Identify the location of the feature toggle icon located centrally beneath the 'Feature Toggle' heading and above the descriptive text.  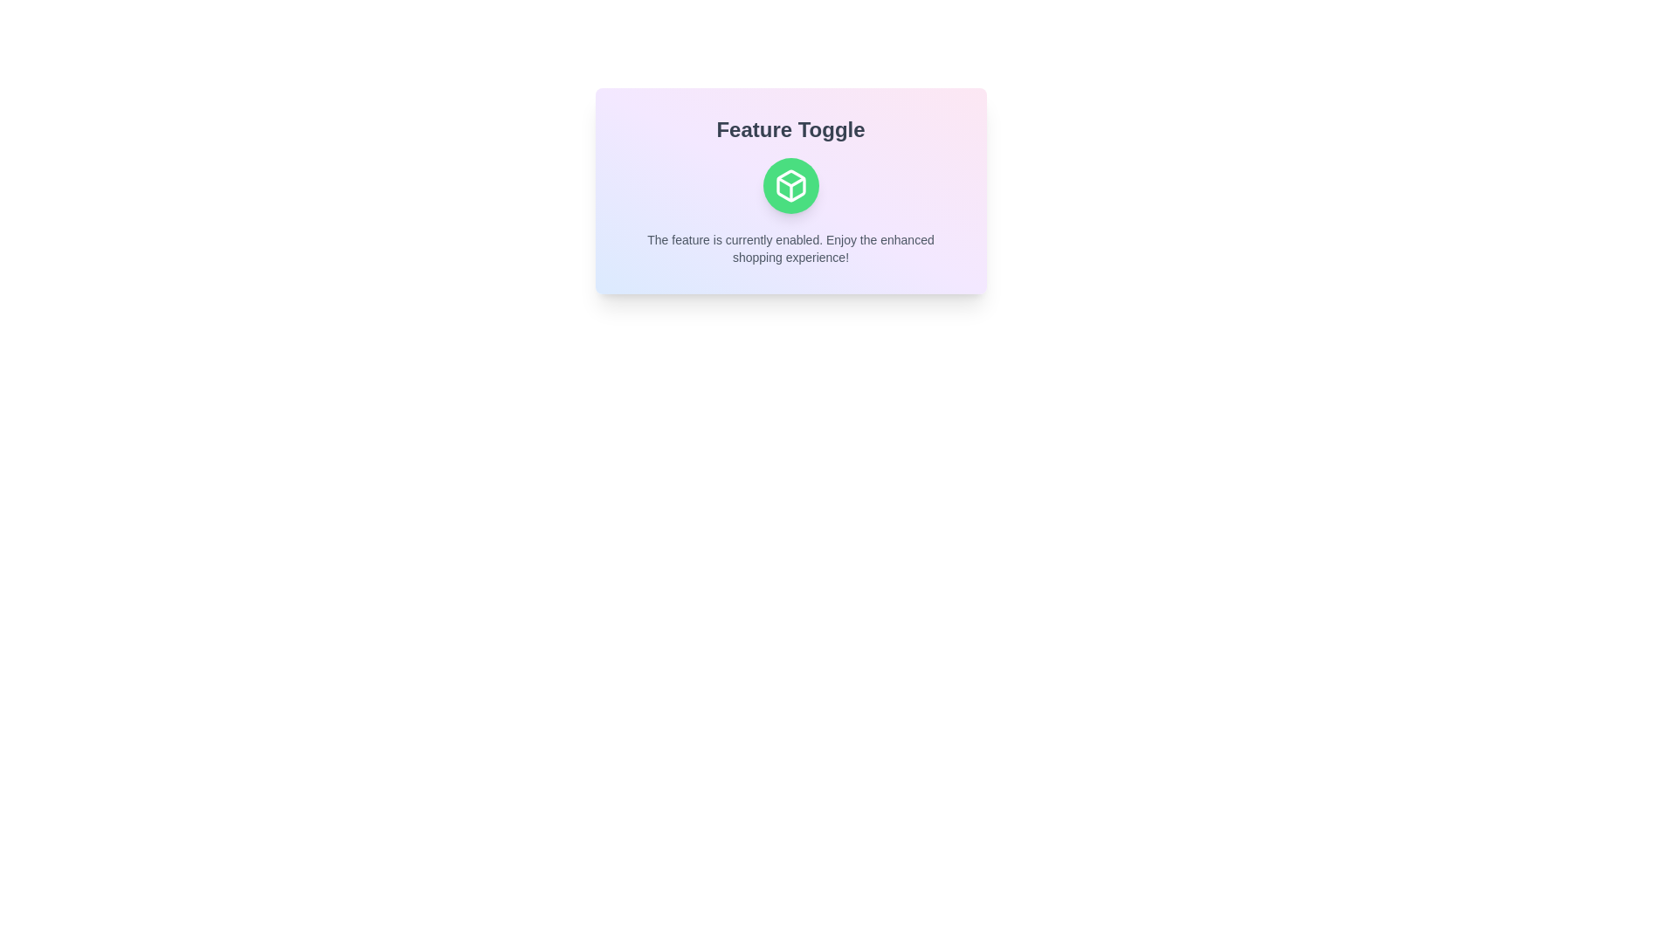
(790, 191).